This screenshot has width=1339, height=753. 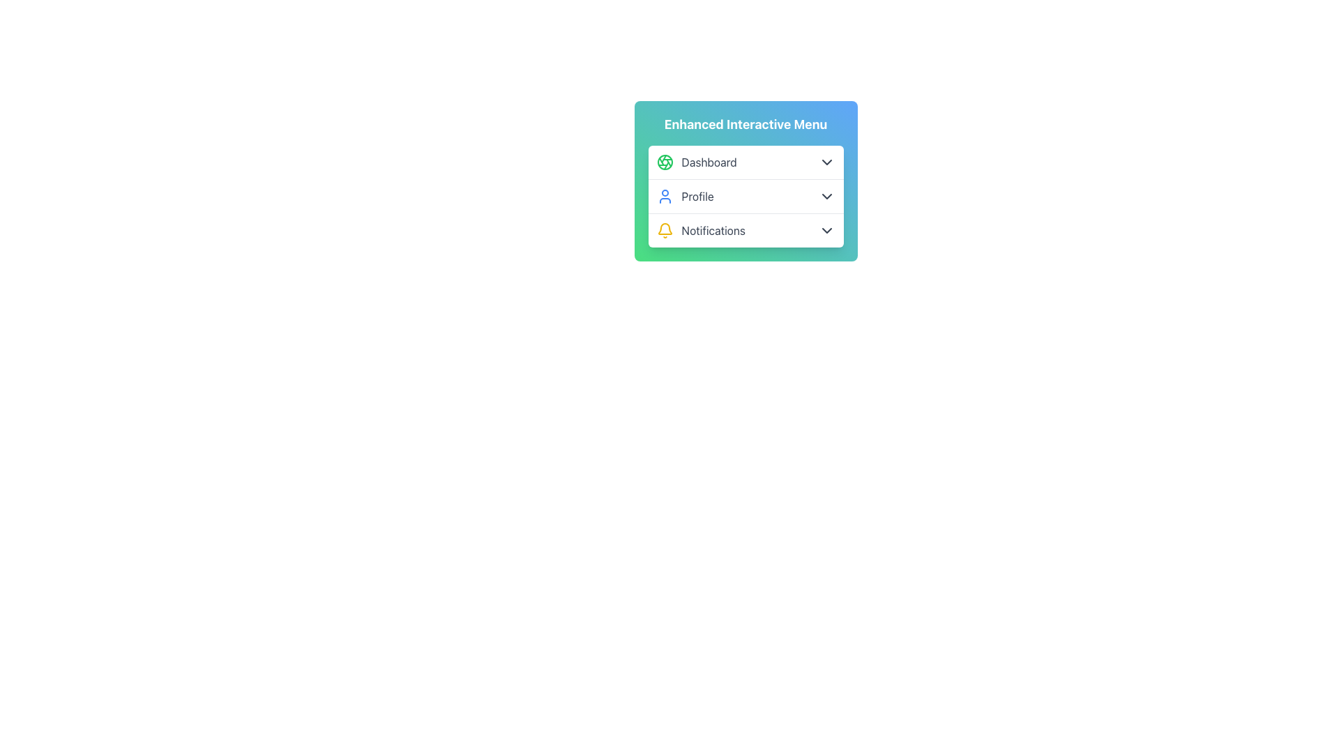 I want to click on the notification bell icon, which is a yellow hollow design located at the top-right of the menu, above the 'Notifications' list item, so click(x=664, y=228).